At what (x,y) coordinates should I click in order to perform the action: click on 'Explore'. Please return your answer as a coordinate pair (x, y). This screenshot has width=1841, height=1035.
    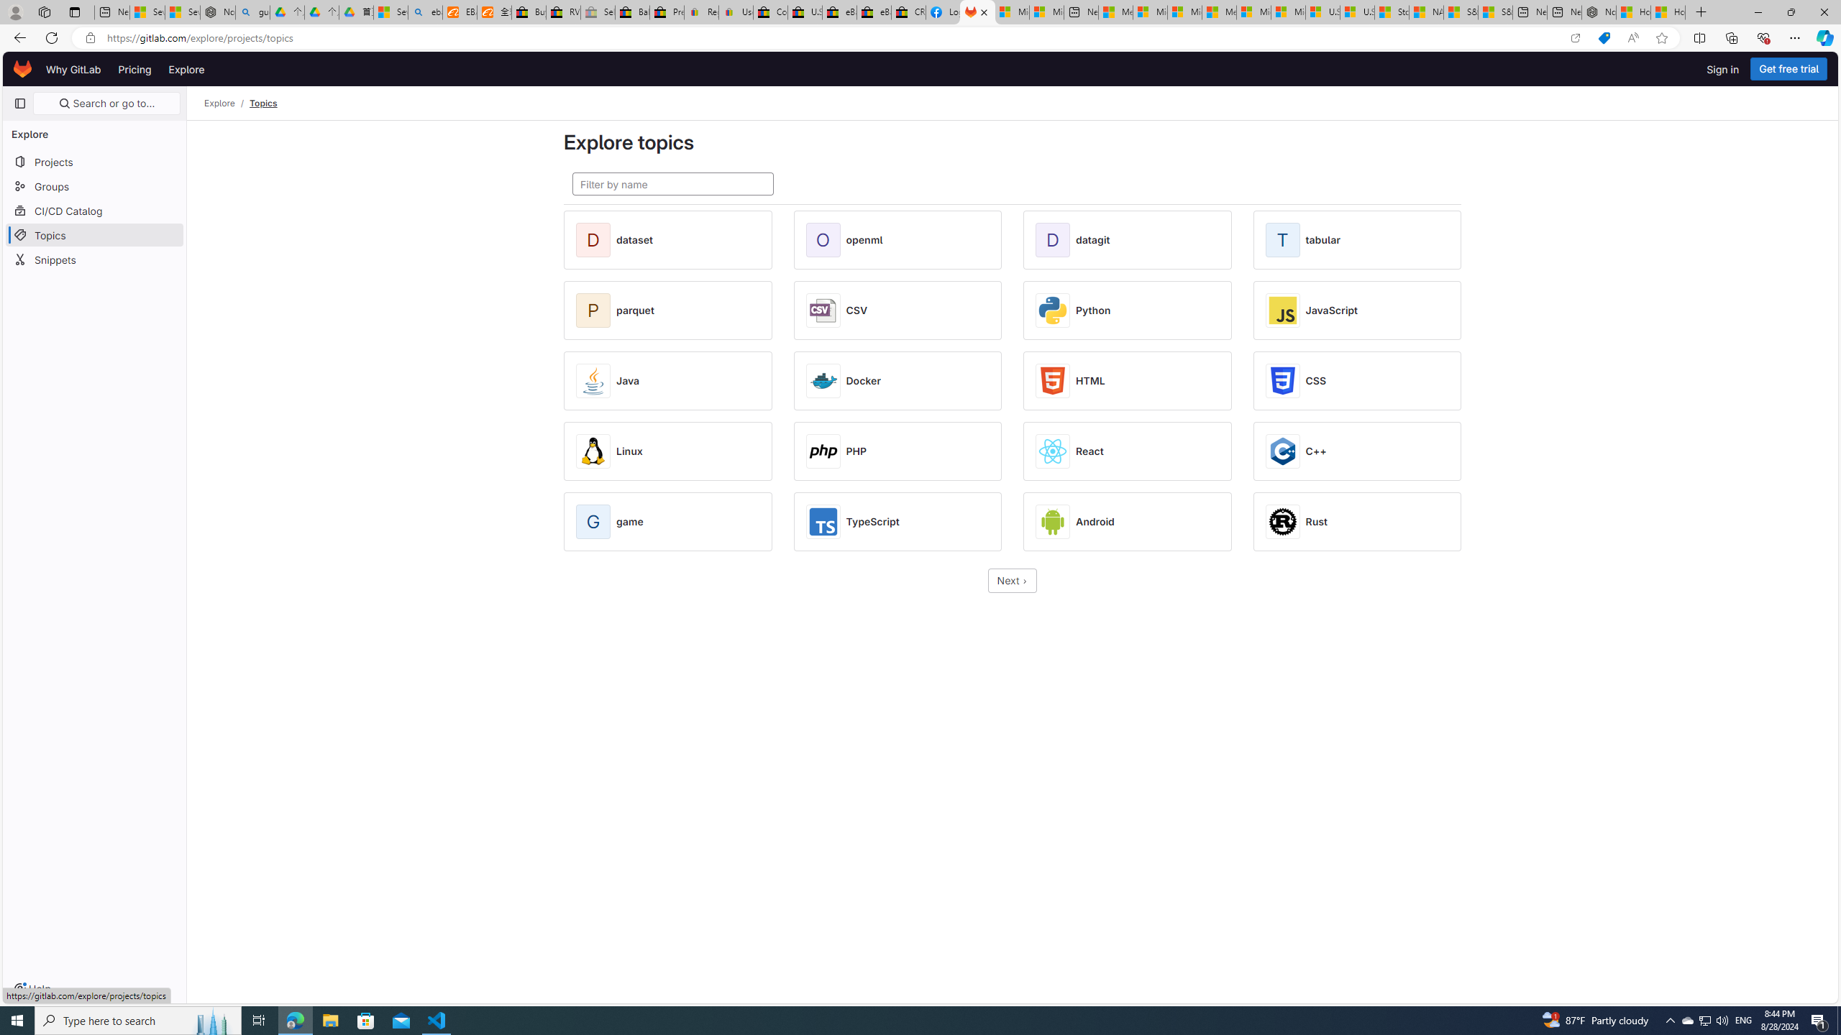
    Looking at the image, I should click on (185, 68).